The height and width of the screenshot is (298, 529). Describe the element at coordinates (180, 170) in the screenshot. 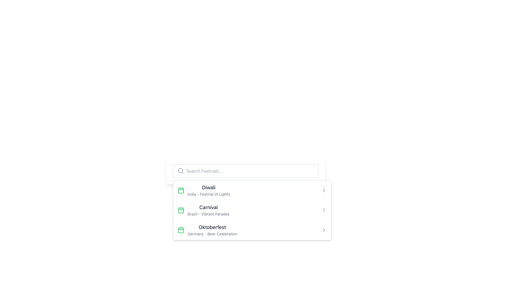

I see `the central circle of the magnifying glass icon representing the search feature, located near the top left corner of the content area` at that location.